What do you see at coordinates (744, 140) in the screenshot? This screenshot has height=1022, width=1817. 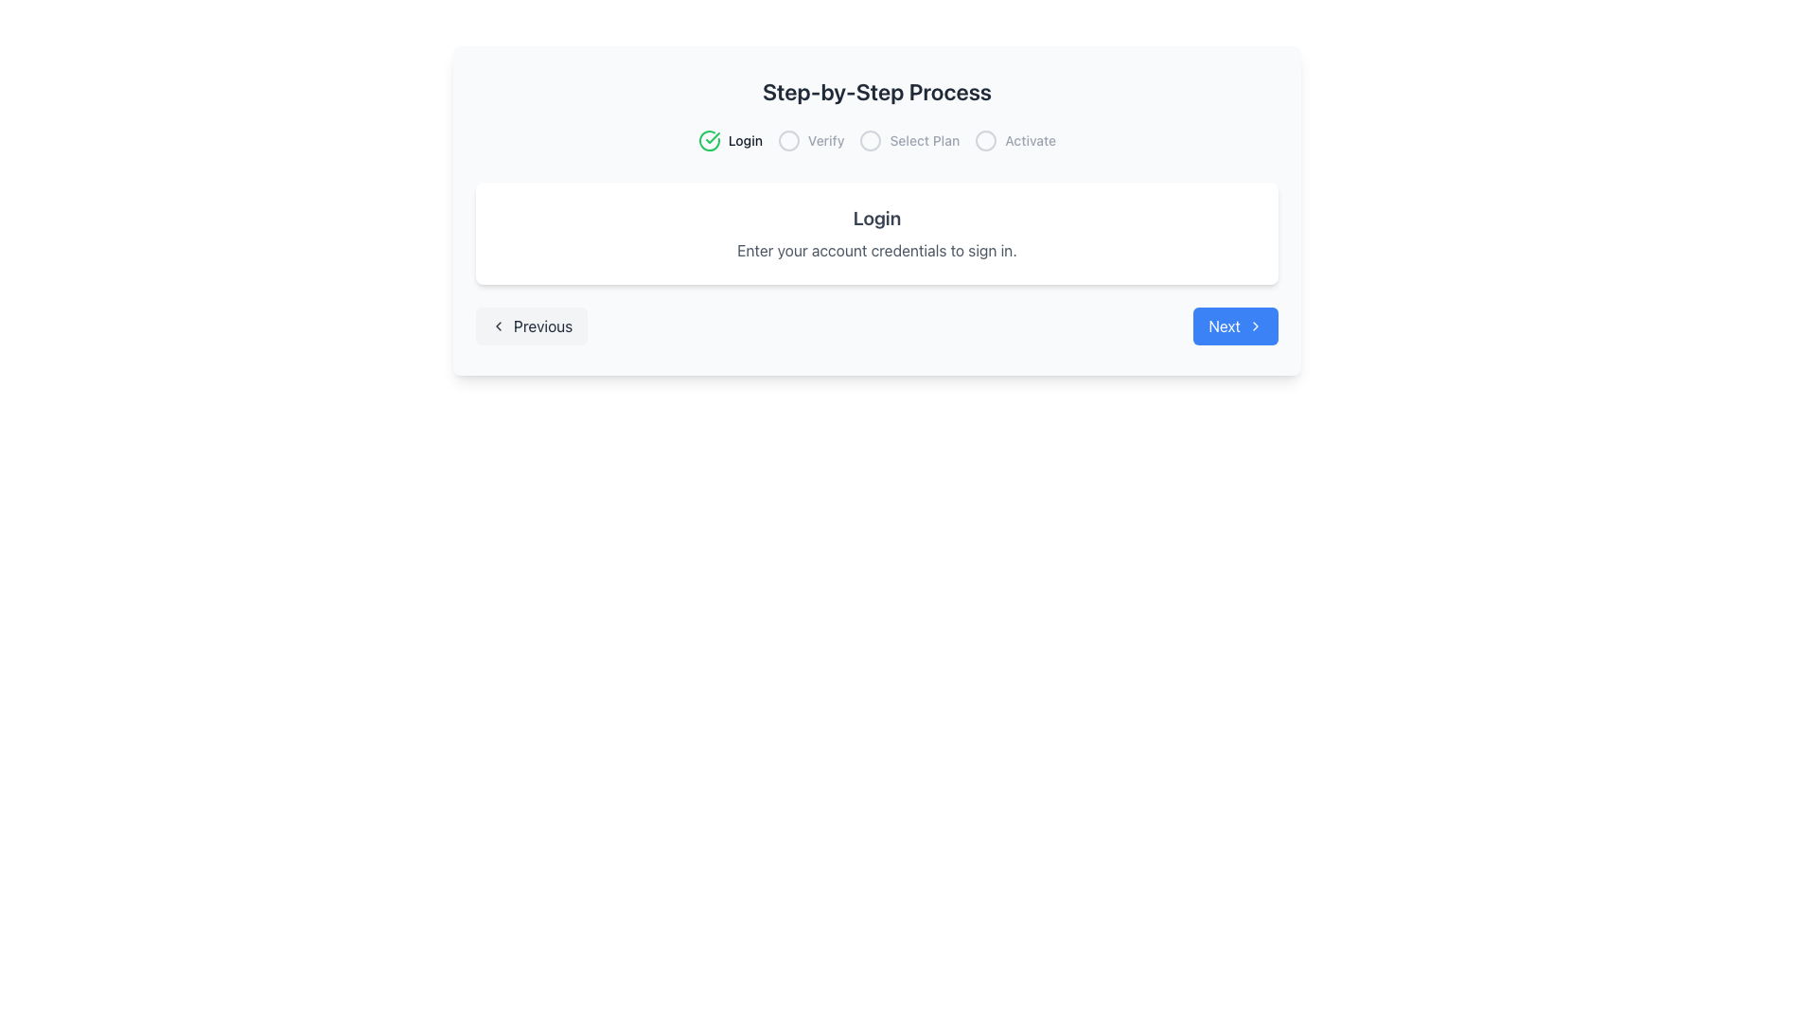 I see `the 'Login' text label, which indicates the current step in the process and is located to the right of a check mark icon` at bounding box center [744, 140].